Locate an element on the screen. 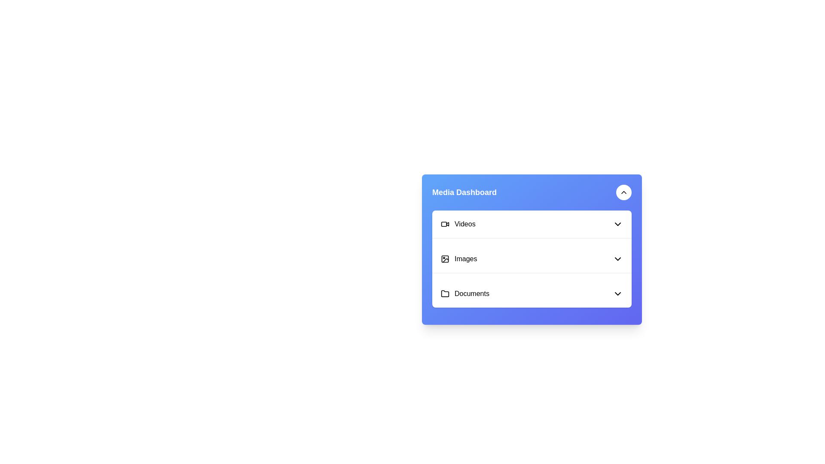  the 'Documents' menu item located as the third item in a vertical list of menu options is located at coordinates (532, 293).